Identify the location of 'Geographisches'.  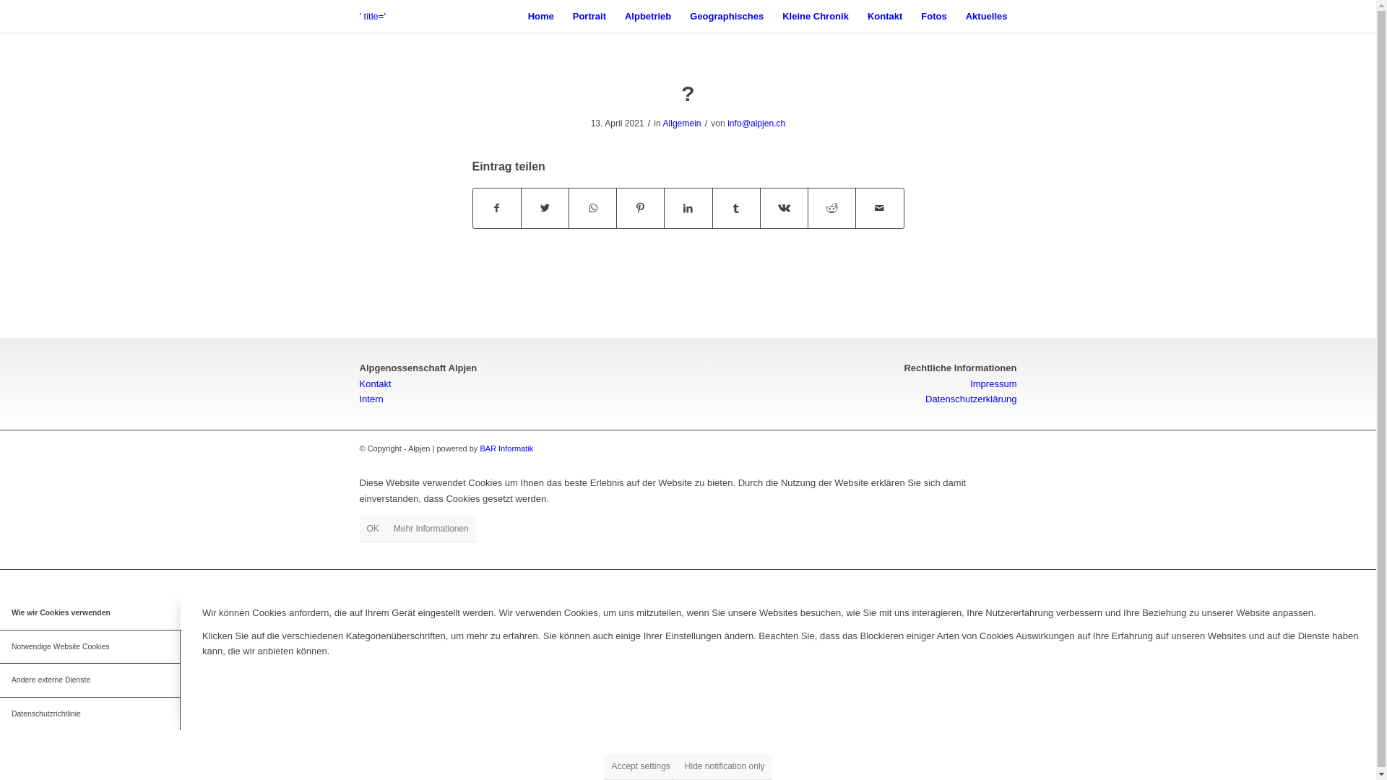
(679, 16).